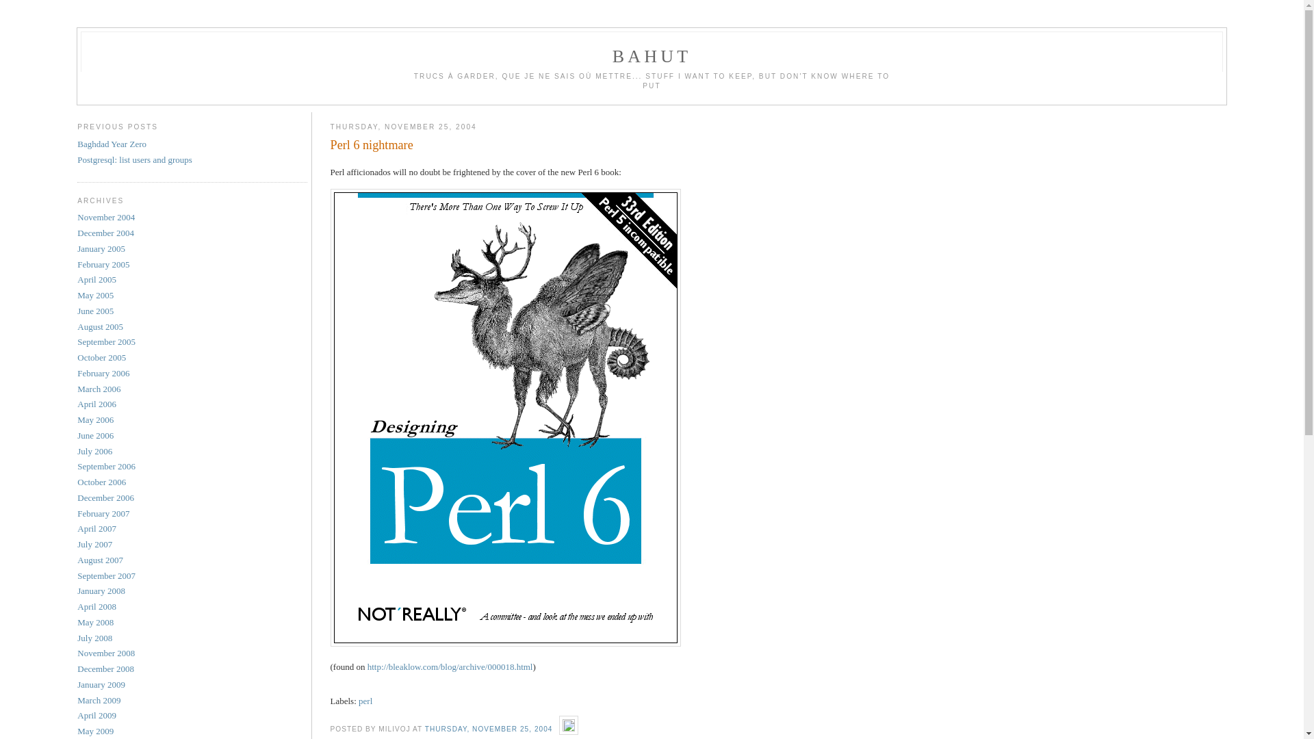  Describe the element at coordinates (94, 543) in the screenshot. I see `'July 2007'` at that location.